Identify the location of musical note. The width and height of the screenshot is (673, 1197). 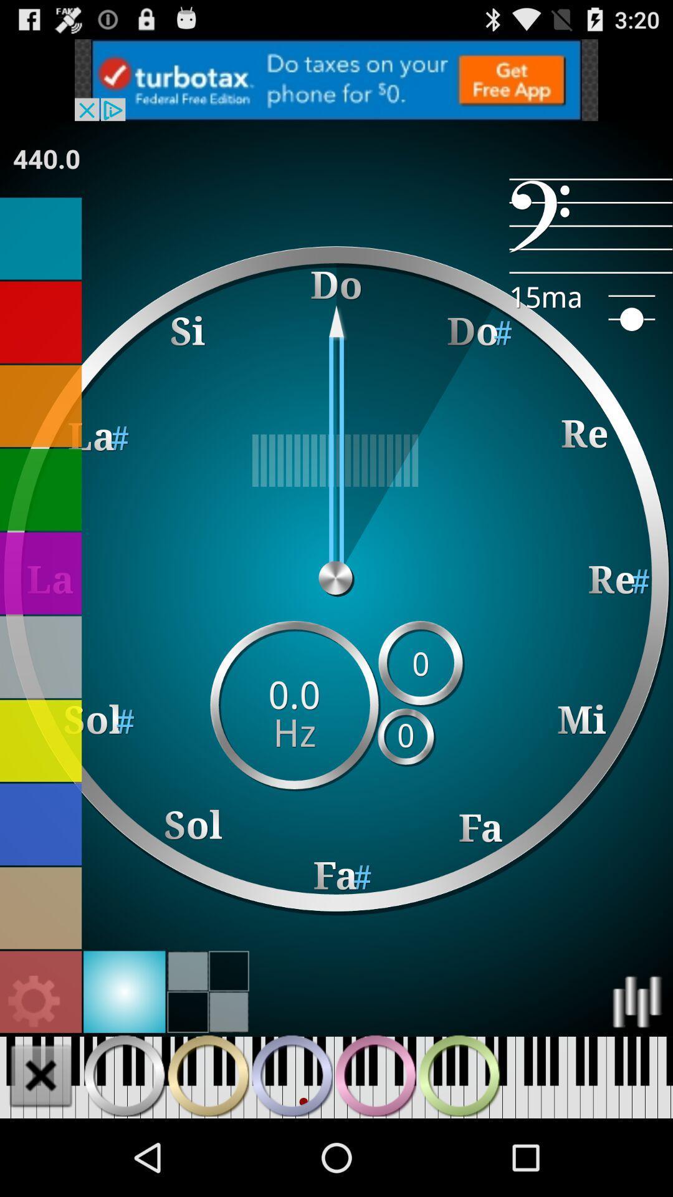
(40, 238).